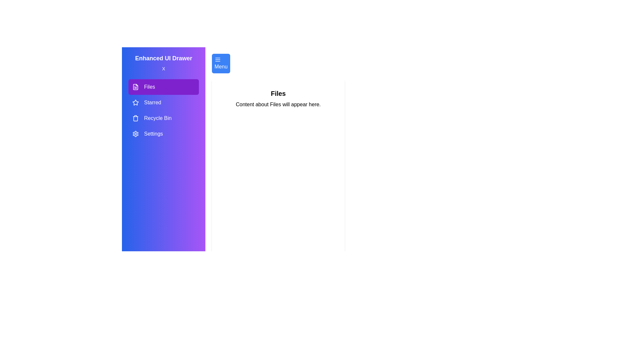 The image size is (626, 352). Describe the element at coordinates (164, 103) in the screenshot. I see `the menu item Starred to view its content` at that location.